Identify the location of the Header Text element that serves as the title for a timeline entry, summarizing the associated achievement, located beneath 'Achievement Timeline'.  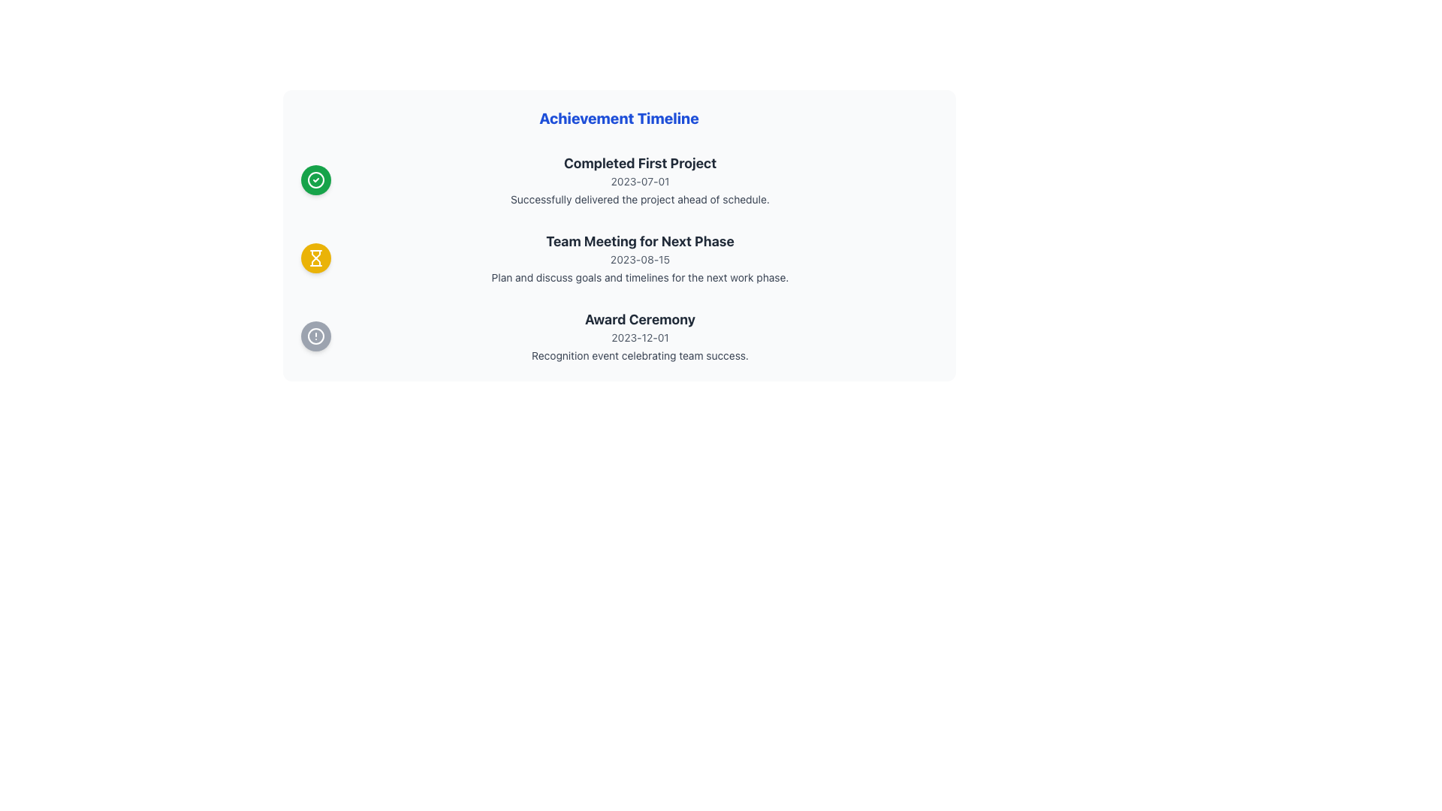
(640, 164).